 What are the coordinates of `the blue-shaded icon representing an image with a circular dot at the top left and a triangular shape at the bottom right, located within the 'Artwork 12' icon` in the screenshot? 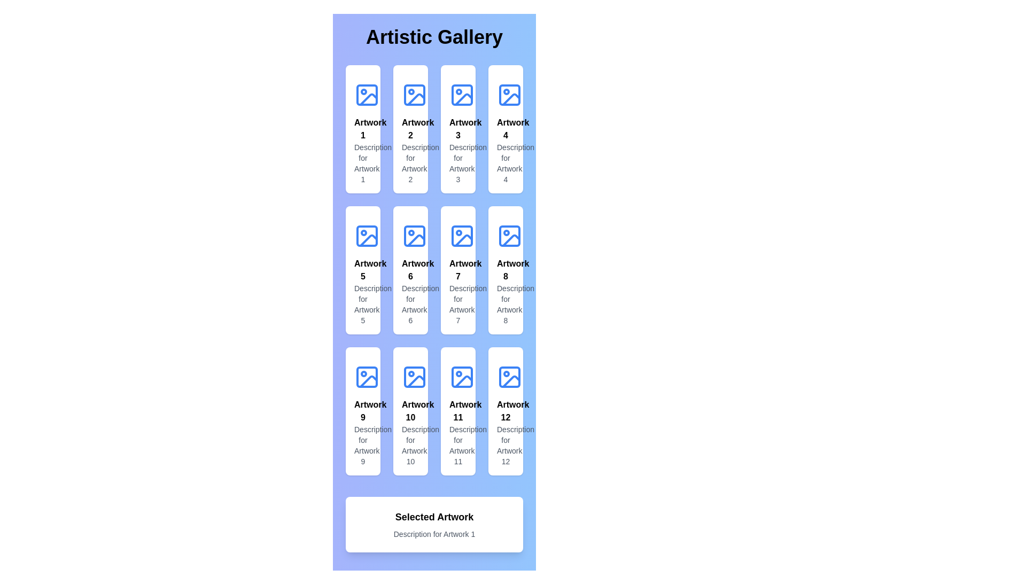 It's located at (509, 376).